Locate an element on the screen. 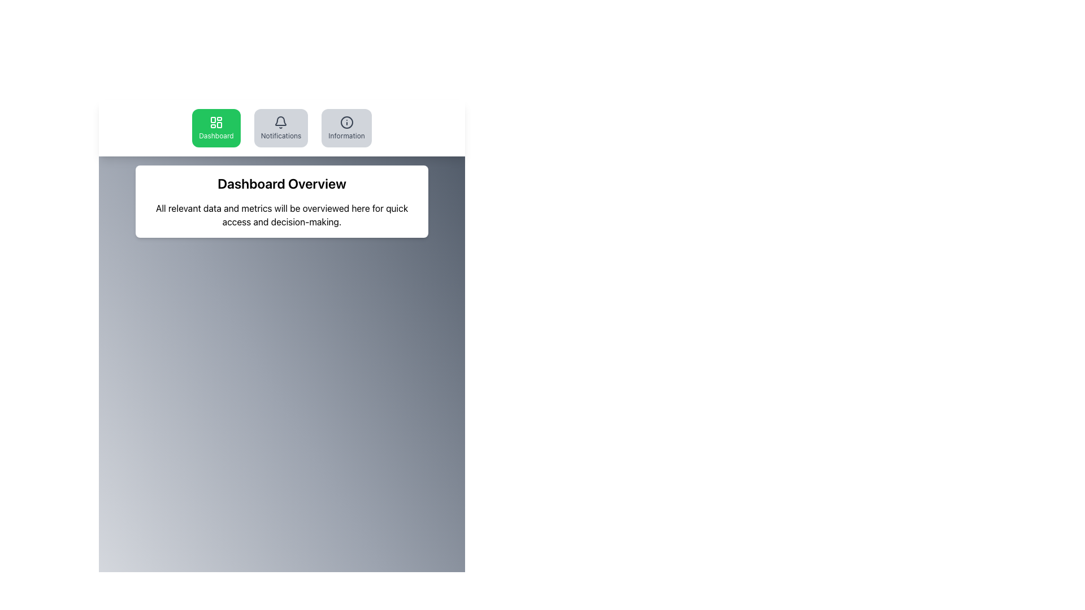 The image size is (1085, 610). the 'Dashboard' text label, which is positioned beneath a green square icon, to initiate the dashboard-related action is located at coordinates (216, 135).